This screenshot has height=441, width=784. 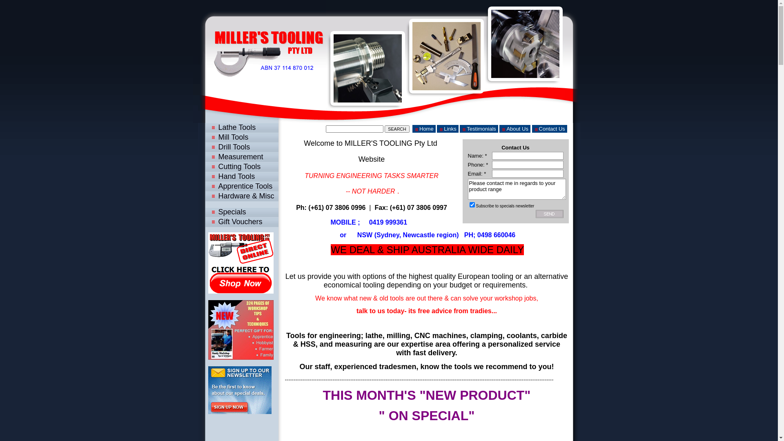 I want to click on 'About Us', so click(x=514, y=129).